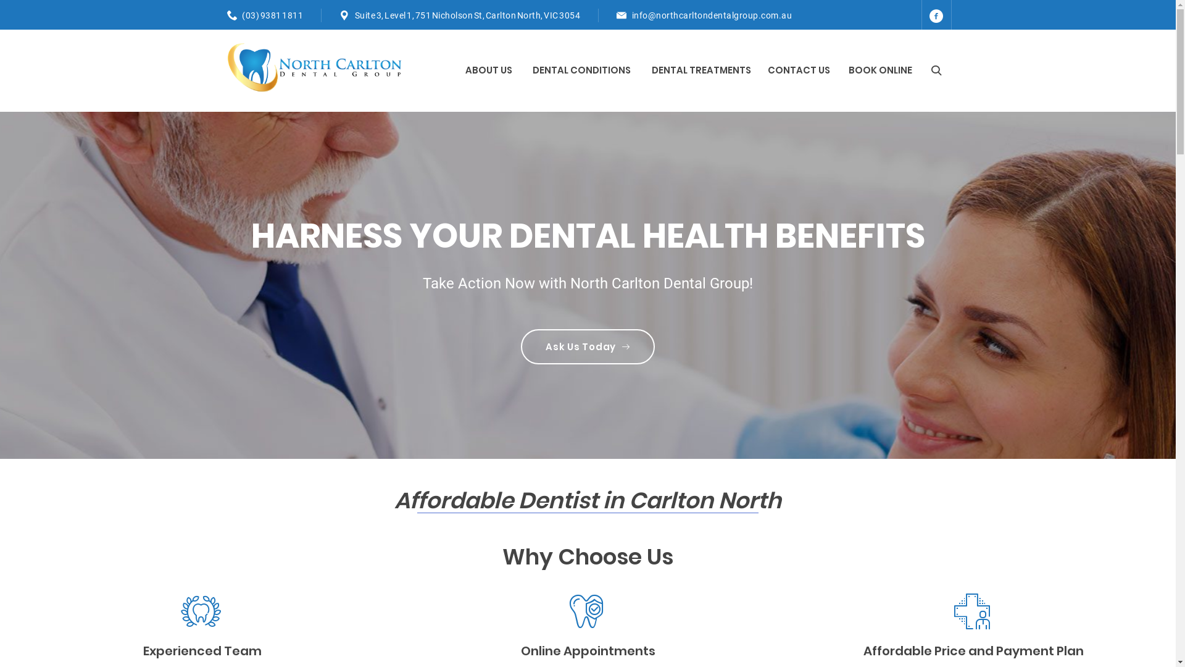 The height and width of the screenshot is (667, 1185). I want to click on 'Ask Us Today', so click(521, 346).